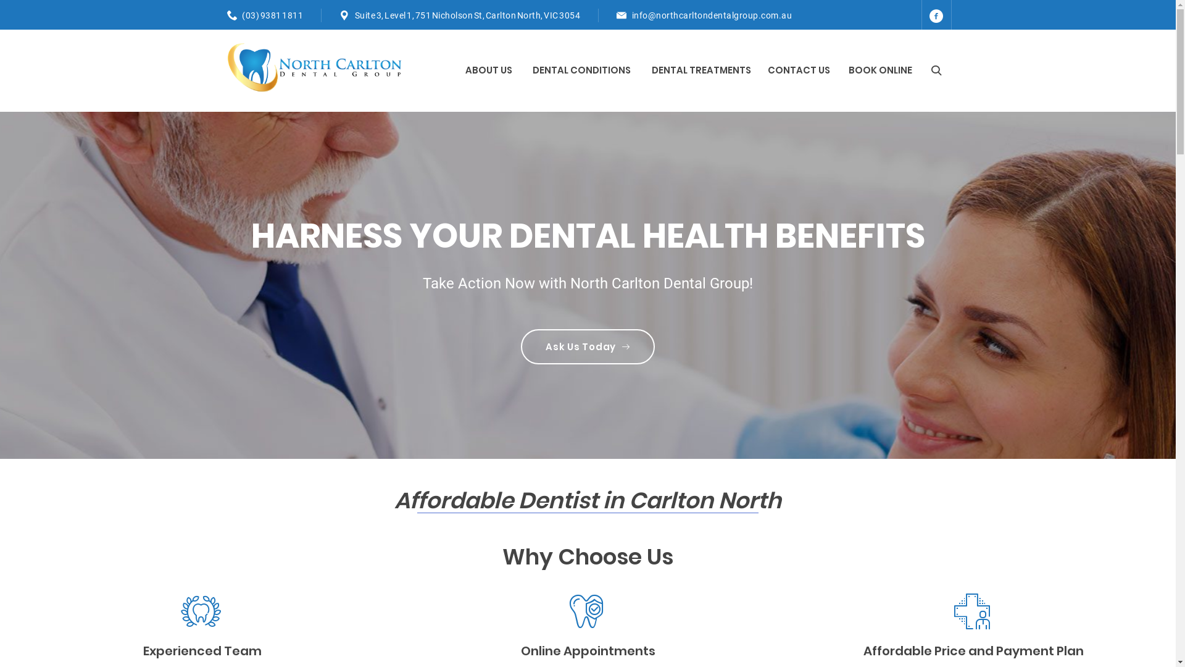 The height and width of the screenshot is (667, 1185). I want to click on 'Ask Us Today', so click(521, 346).